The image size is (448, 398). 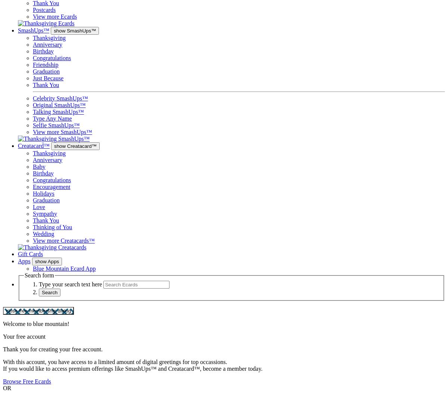 I want to click on 'Postcards', so click(x=44, y=9).